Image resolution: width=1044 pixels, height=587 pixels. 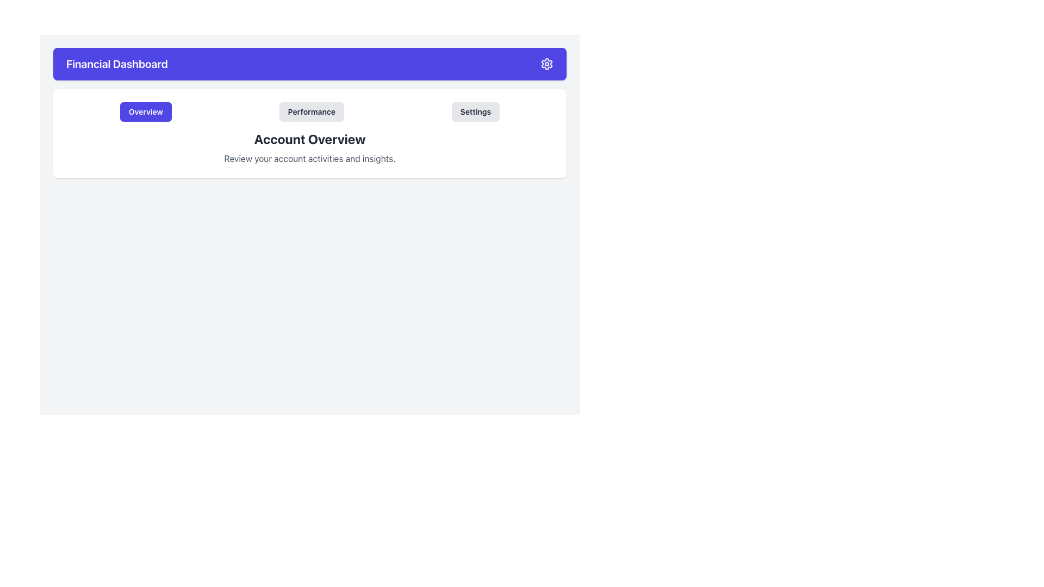 I want to click on the 'Performance' button, which is a rectangular button with a light gray background and rounded corners, positioned between the 'Overview' and 'Settings' buttons, so click(x=311, y=111).